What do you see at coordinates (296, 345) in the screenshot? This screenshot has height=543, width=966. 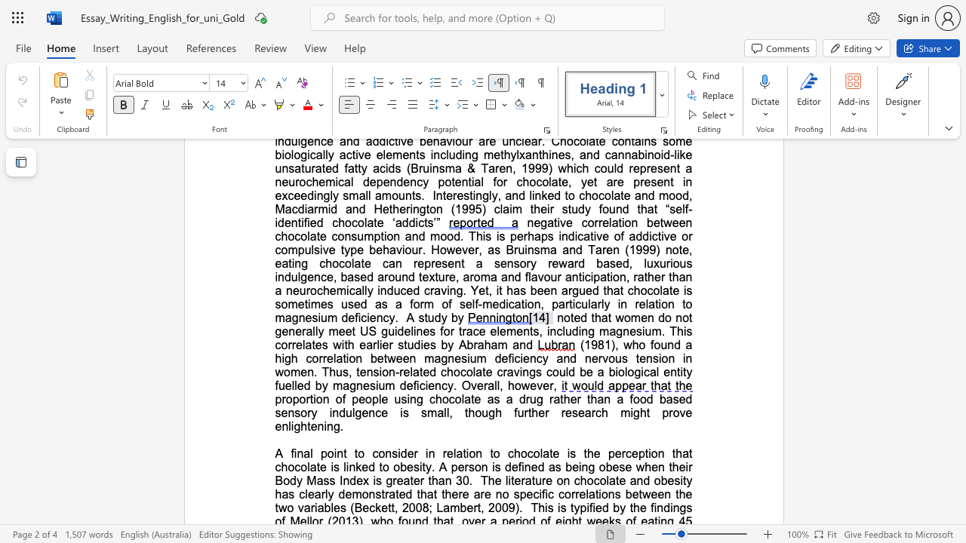 I see `the subset text "elates with earlier studies by Abraha" within the text "US guidelines for trace elements, including magnesium. This correlates with earlier studies by Abraham and"` at bounding box center [296, 345].